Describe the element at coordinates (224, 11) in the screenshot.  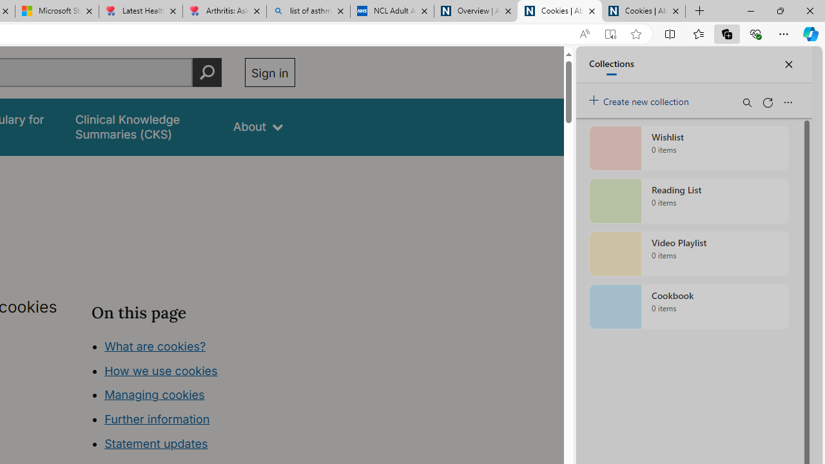
I see `'Arthritis: Ask Health Professionals'` at that location.